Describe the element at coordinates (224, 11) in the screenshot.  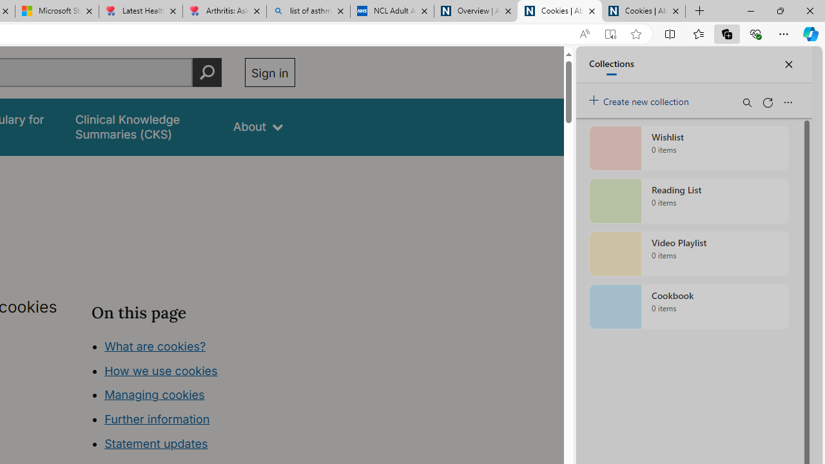
I see `'Arthritis: Ask Health Professionals'` at that location.